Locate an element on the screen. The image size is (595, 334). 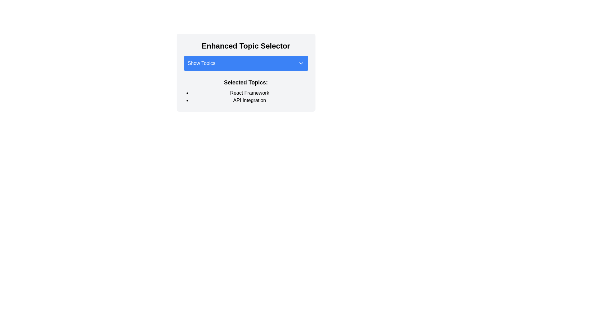
the second item in the bulleted list under the 'Selected Topics' section, which is directly below the 'React Framework' list item is located at coordinates (249, 100).